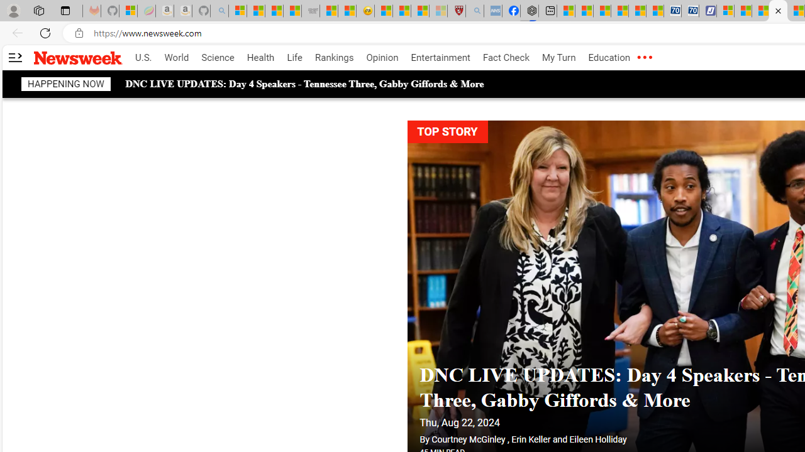 The image size is (805, 452). I want to click on 'Entertainment', so click(440, 58).